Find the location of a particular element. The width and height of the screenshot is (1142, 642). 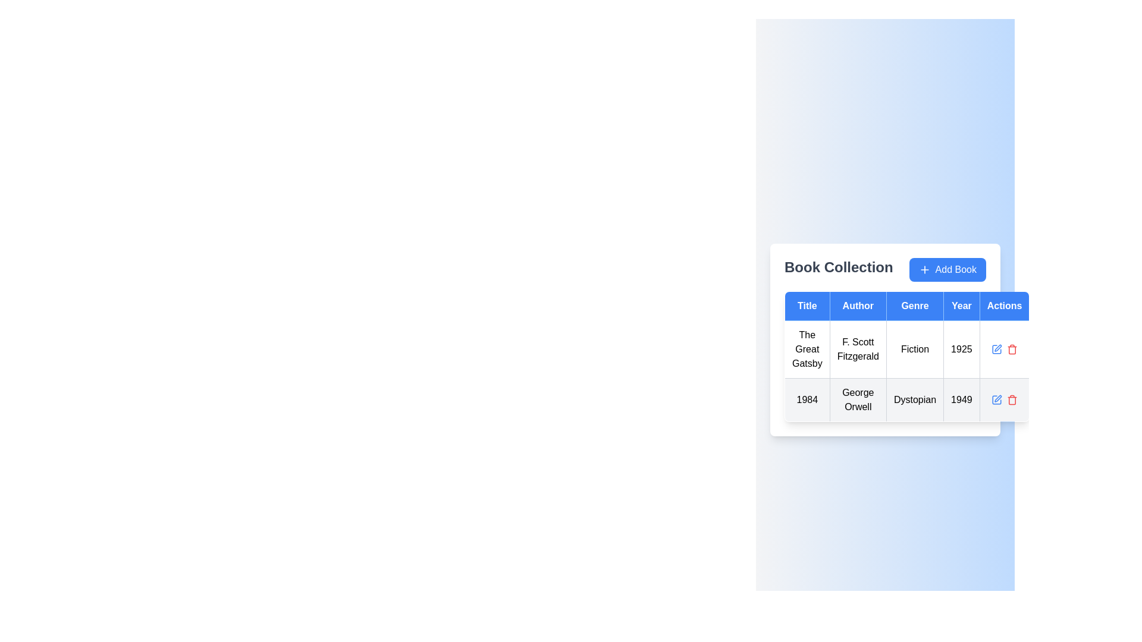

the Table Header with blue background and white text labeled 'Actions', which is the fifth and last column header in the 'Book Collection' section is located at coordinates (1004, 306).